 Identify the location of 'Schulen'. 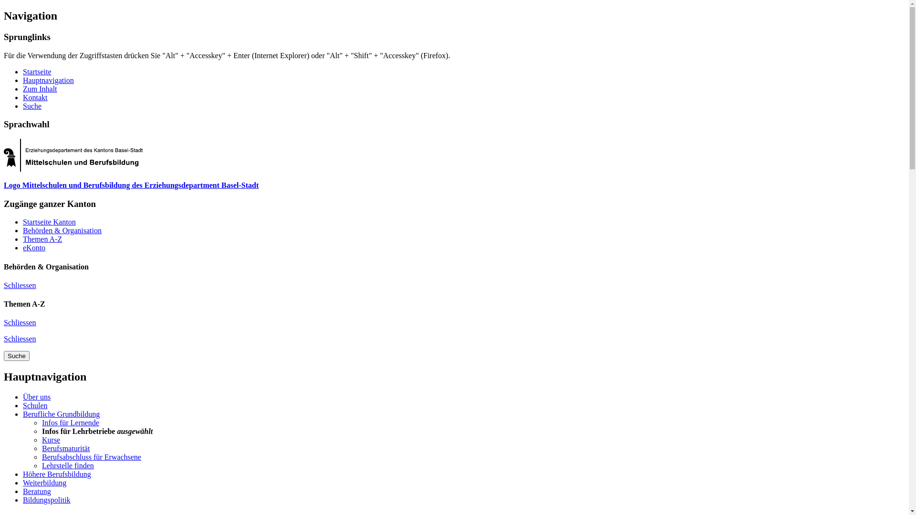
(35, 405).